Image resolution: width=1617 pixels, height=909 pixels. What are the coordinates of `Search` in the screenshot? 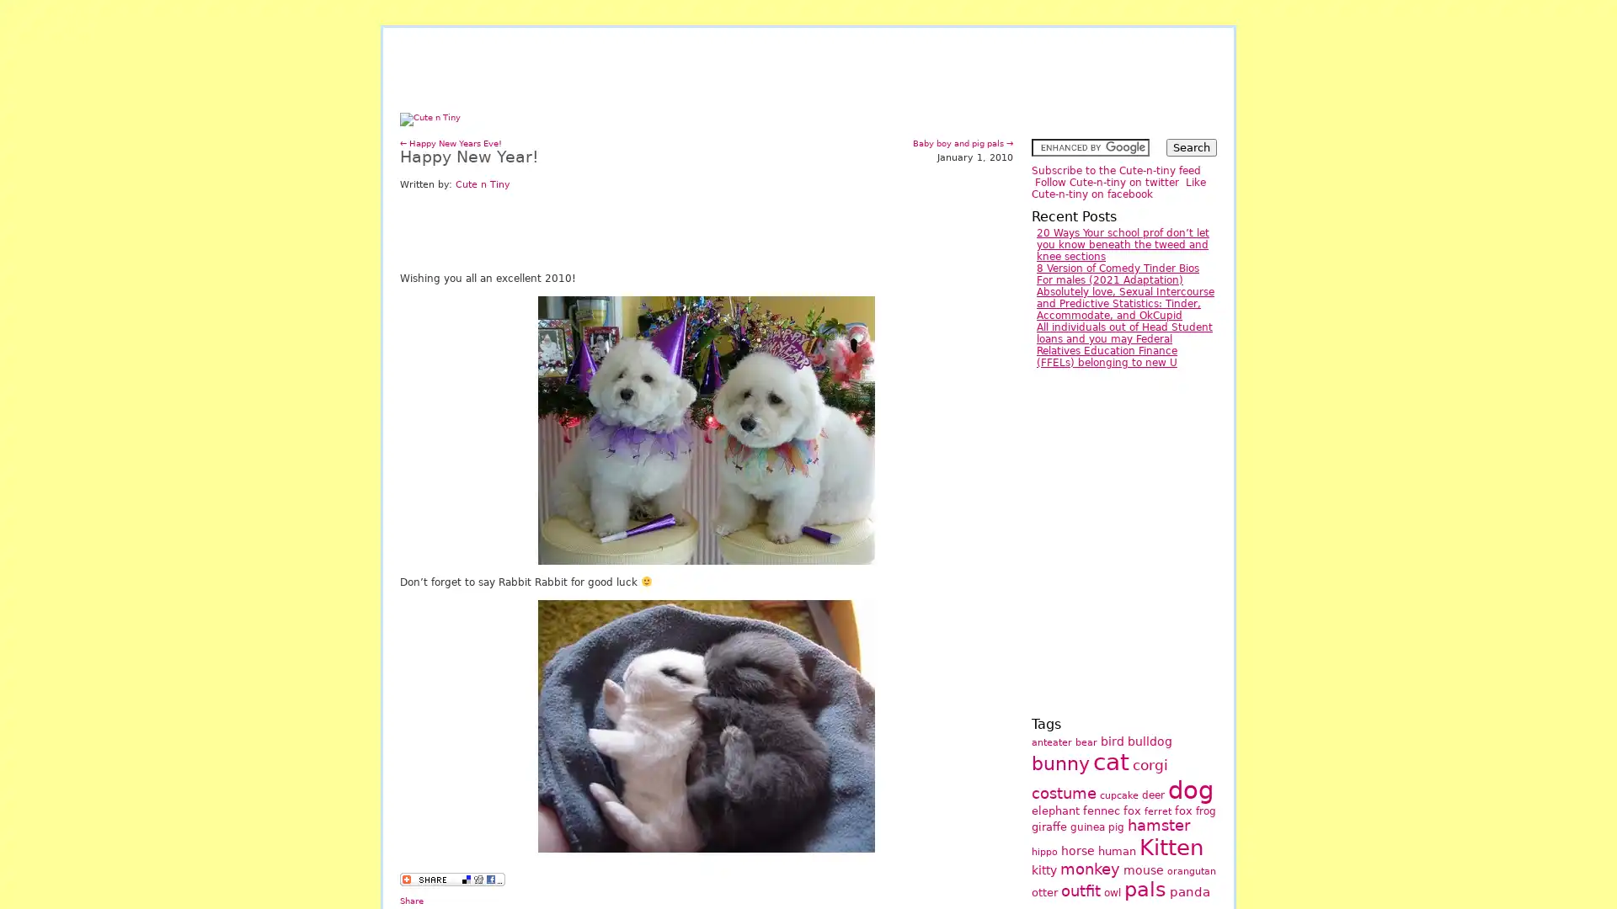 It's located at (1191, 146).